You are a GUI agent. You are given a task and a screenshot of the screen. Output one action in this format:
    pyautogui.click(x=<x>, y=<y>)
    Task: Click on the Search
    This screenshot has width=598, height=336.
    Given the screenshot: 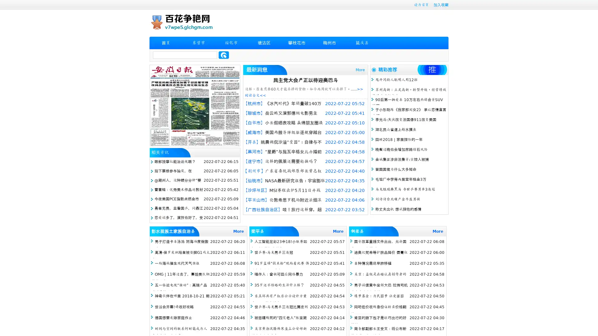 What is the action you would take?
    pyautogui.click(x=224, y=55)
    